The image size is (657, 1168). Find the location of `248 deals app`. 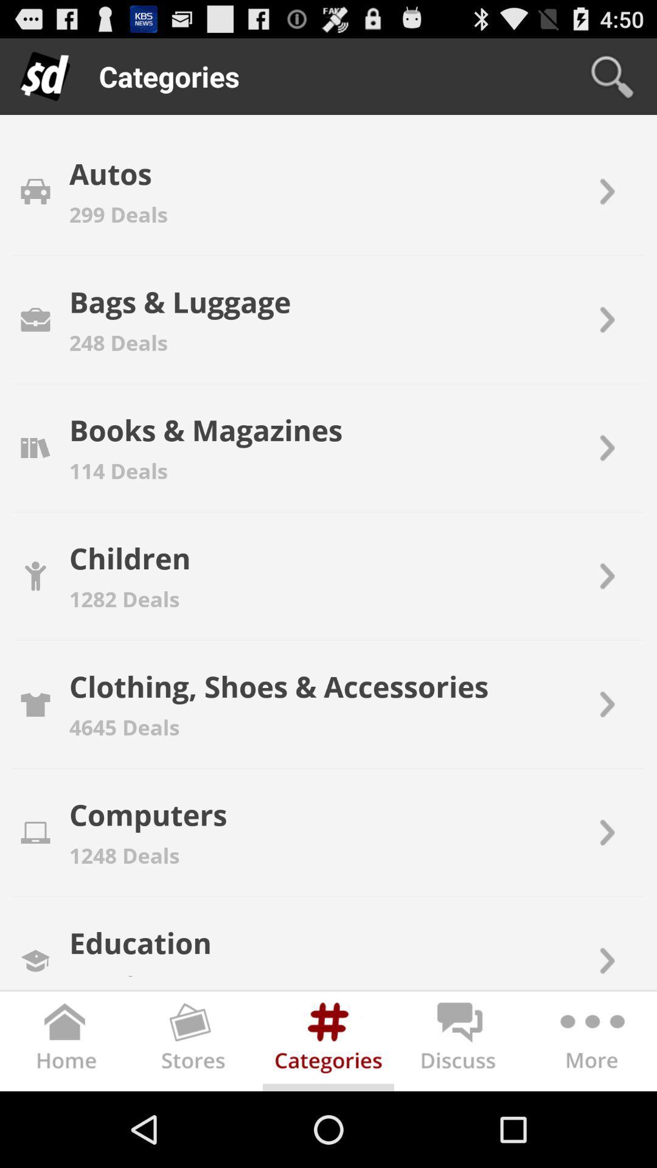

248 deals app is located at coordinates (119, 342).